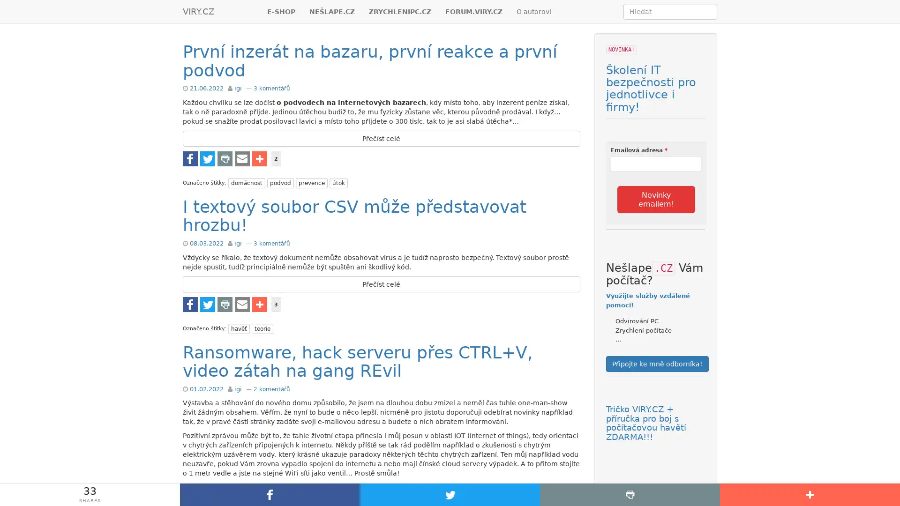 This screenshot has width=900, height=506. What do you see at coordinates (190, 158) in the screenshot?
I see `Share to Facebook` at bounding box center [190, 158].